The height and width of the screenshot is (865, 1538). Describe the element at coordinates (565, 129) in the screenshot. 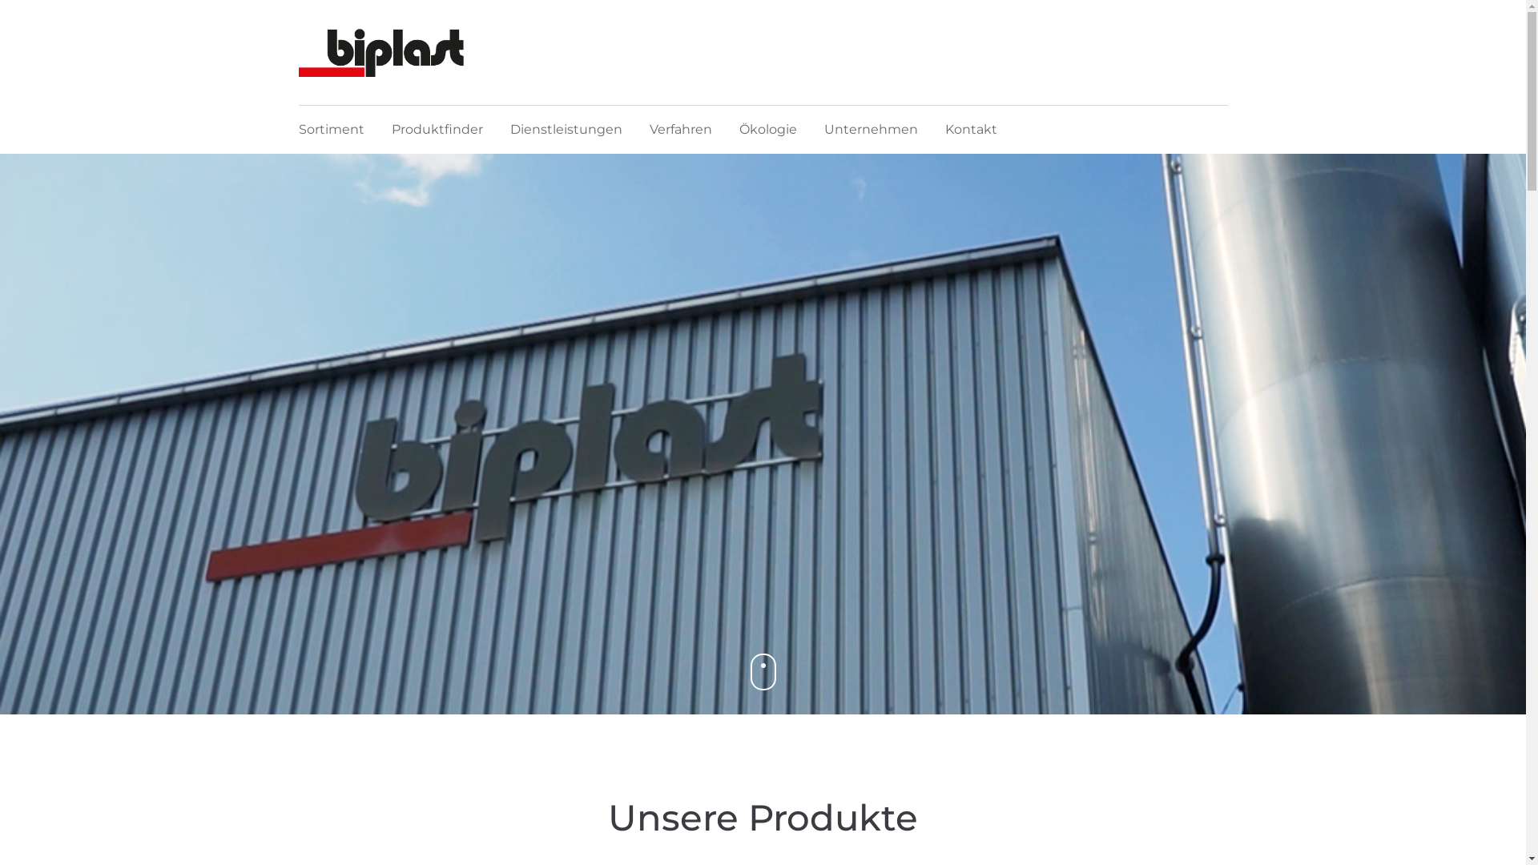

I see `'Dienstleistungen'` at that location.